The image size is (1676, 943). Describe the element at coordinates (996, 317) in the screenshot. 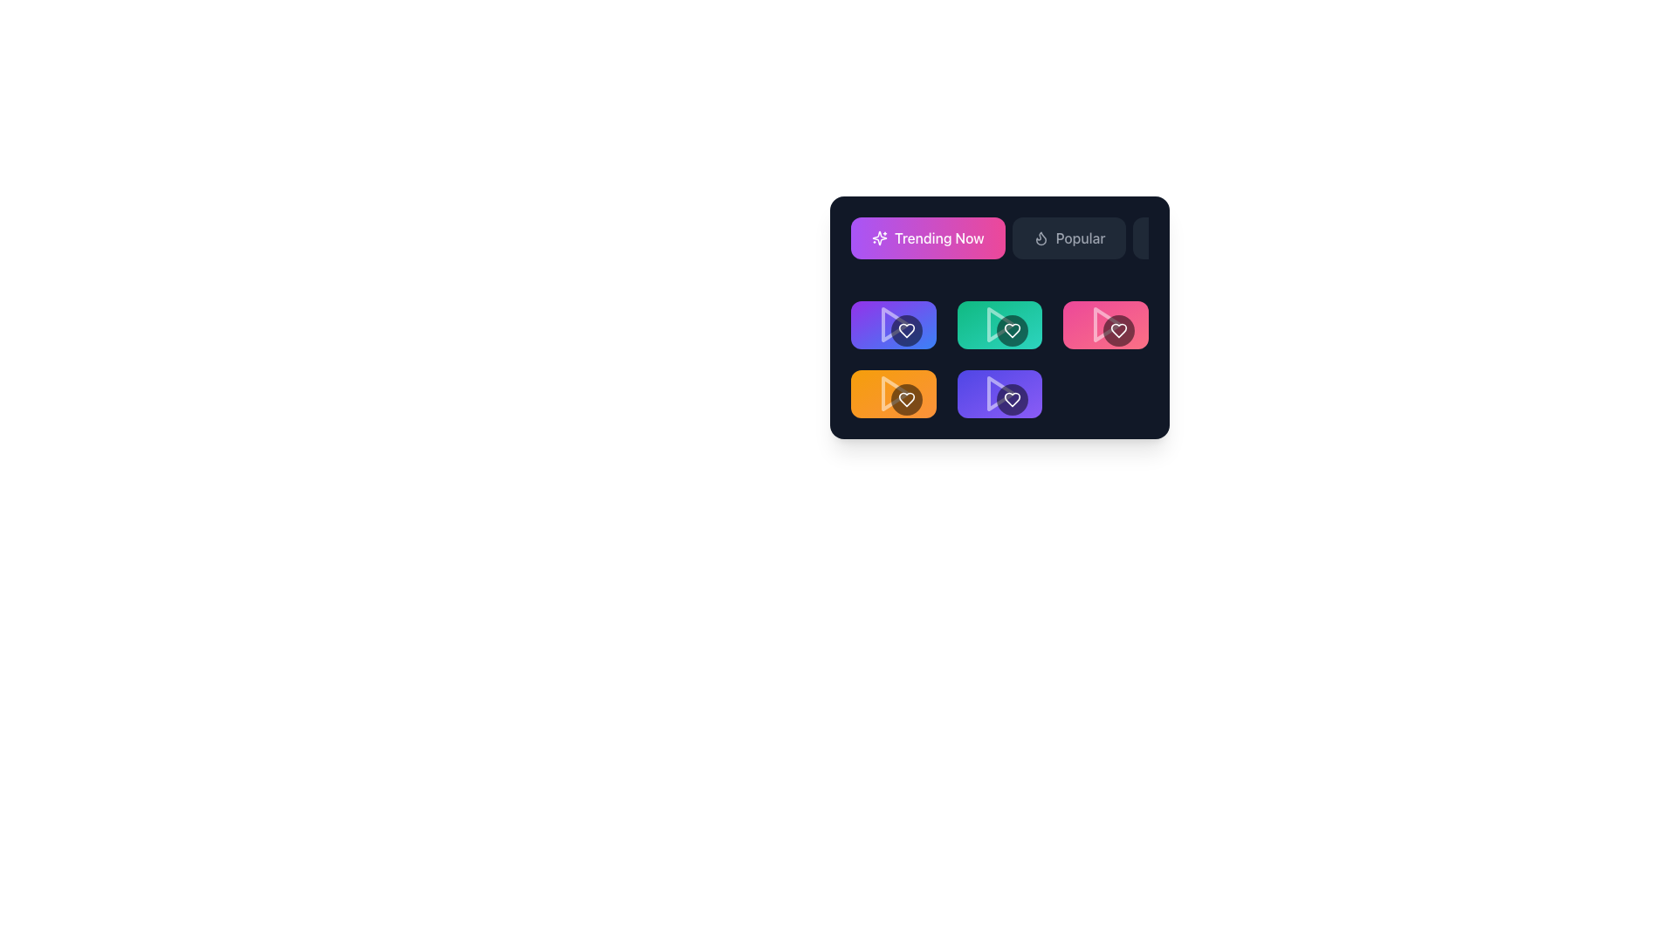

I see `the second green button with a video play icon and '1.5K' text, located to the right of the button displaying '234K'` at that location.